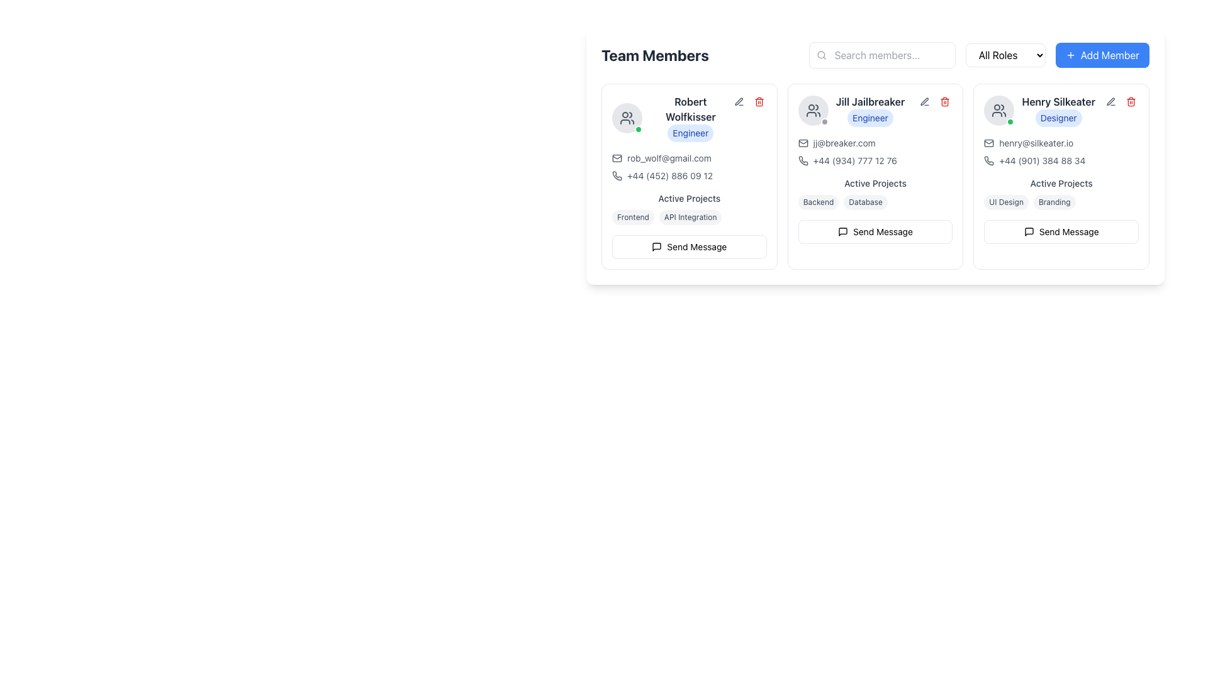 The image size is (1208, 679). I want to click on the edit icon located at the top right corner of the third team member's card, which allows users to modify details of the associated team member card, so click(925, 101).